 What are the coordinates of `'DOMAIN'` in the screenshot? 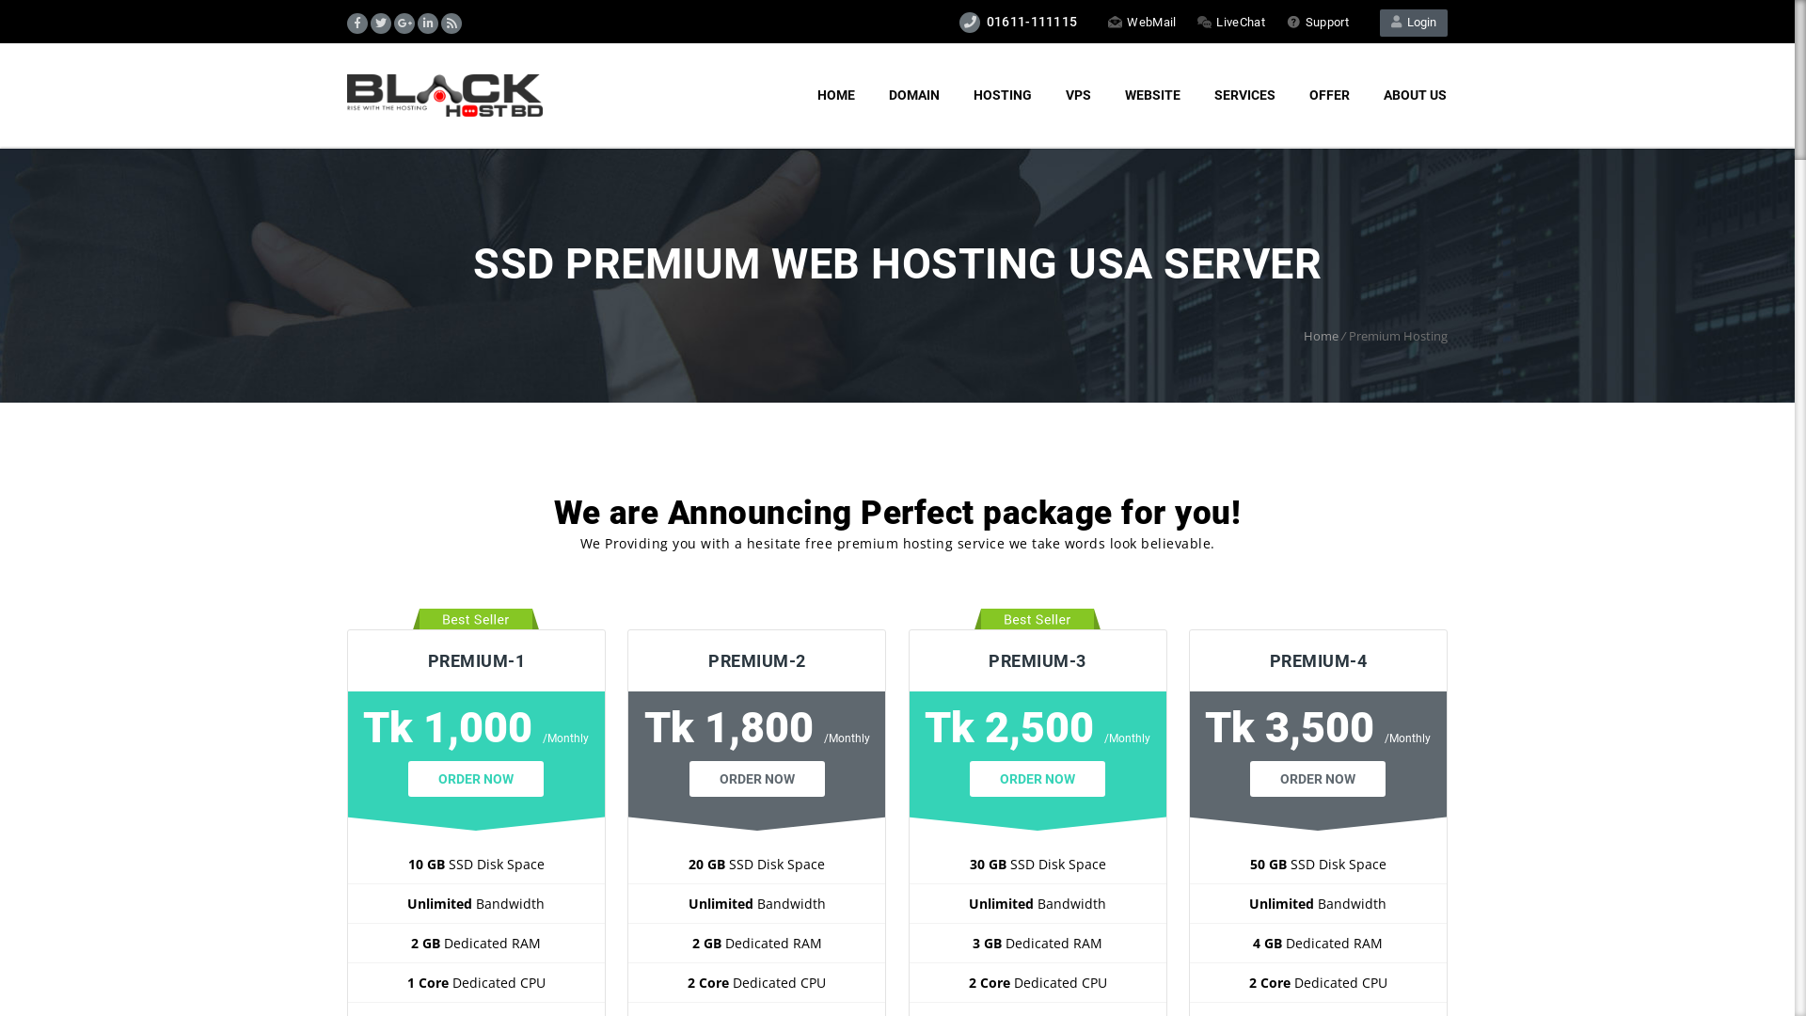 It's located at (913, 95).